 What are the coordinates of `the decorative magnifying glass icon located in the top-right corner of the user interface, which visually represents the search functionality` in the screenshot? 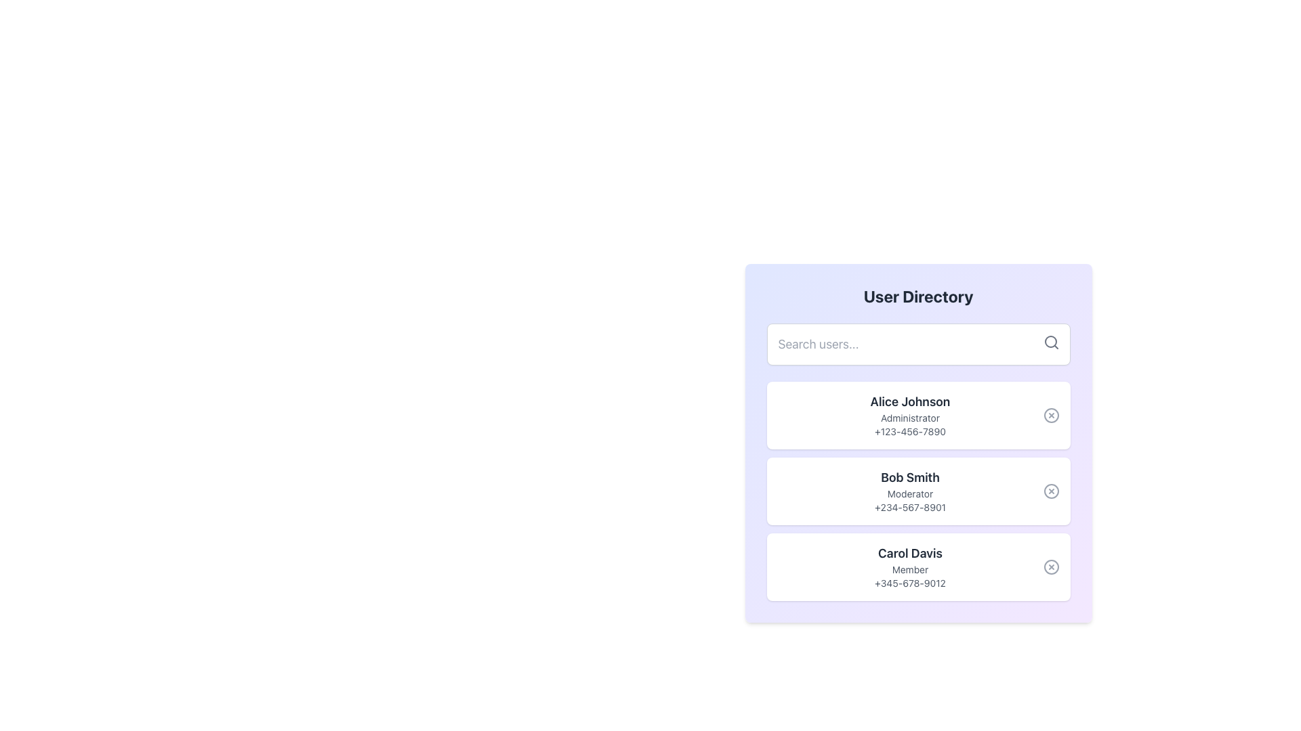 It's located at (1050, 341).